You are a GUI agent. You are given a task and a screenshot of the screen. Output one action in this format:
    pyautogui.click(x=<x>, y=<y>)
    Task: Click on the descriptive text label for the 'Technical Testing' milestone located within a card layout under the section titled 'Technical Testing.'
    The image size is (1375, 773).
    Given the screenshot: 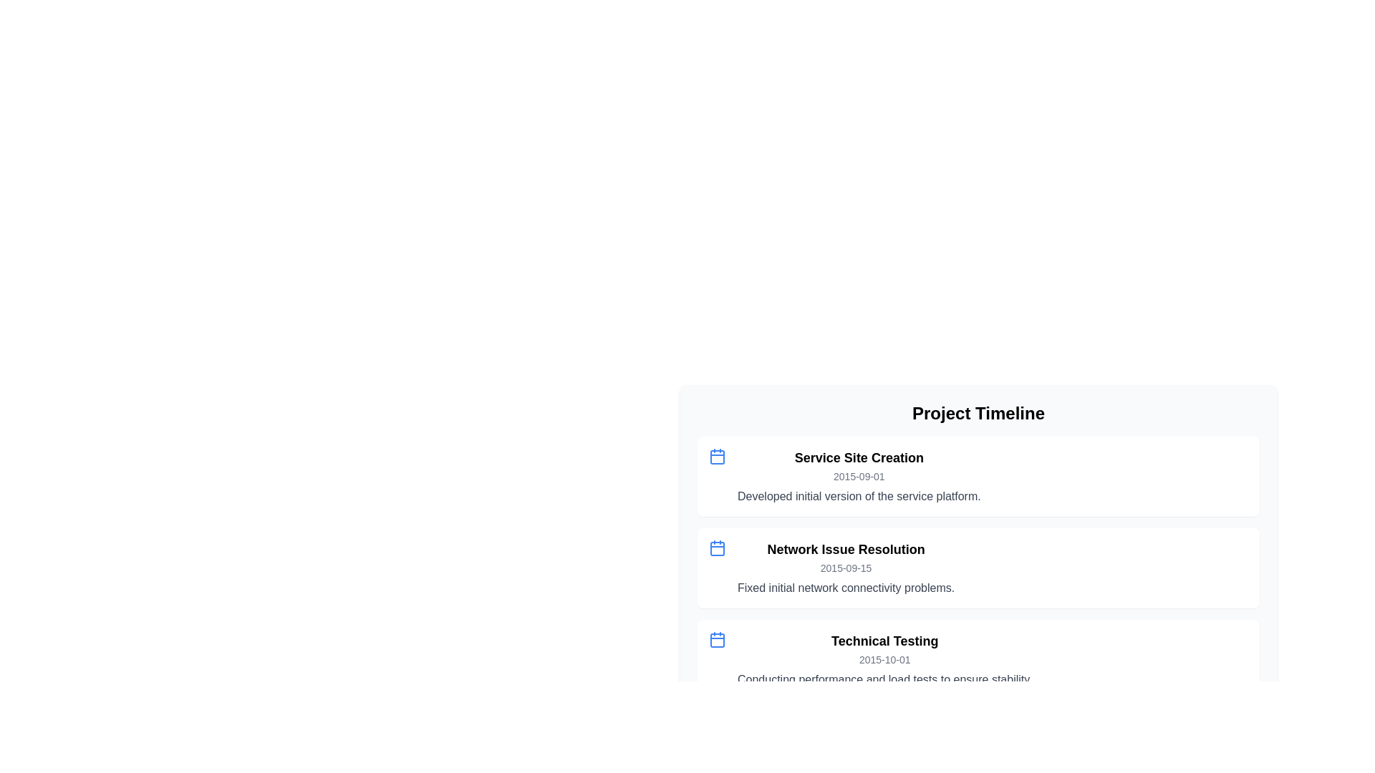 What is the action you would take?
    pyautogui.click(x=884, y=679)
    